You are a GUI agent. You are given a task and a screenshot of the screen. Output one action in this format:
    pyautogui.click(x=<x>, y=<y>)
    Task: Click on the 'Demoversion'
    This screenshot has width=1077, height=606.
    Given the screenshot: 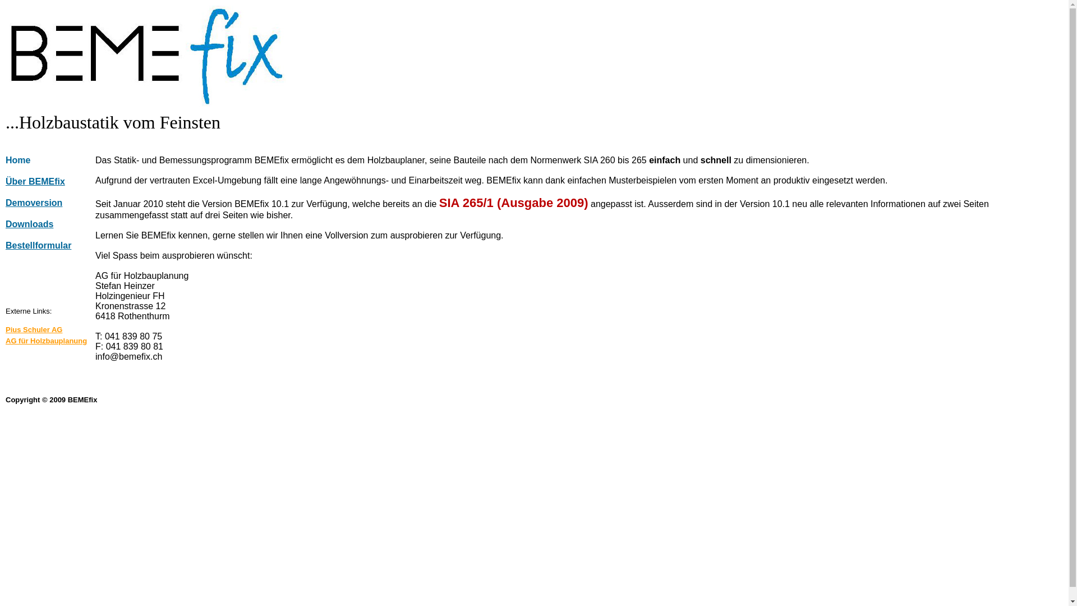 What is the action you would take?
    pyautogui.click(x=50, y=203)
    